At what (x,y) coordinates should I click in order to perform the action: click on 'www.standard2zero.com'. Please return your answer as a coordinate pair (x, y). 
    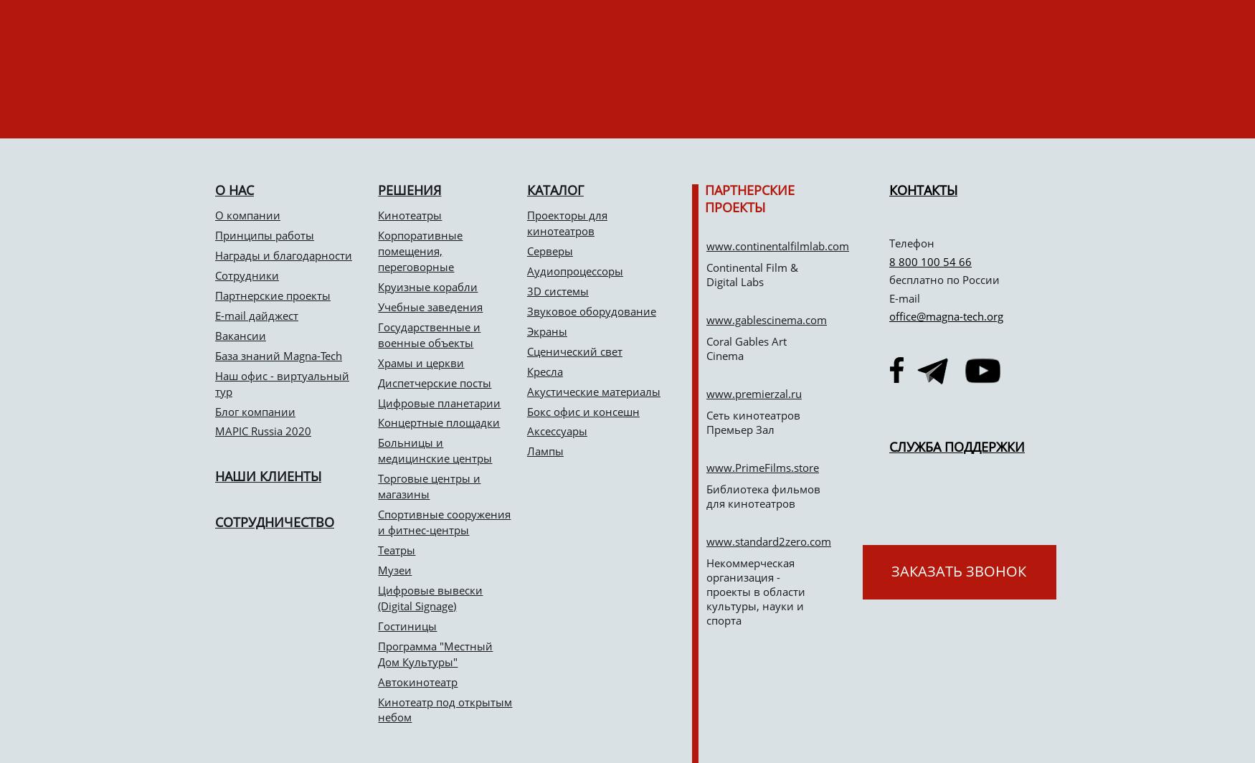
    Looking at the image, I should click on (769, 541).